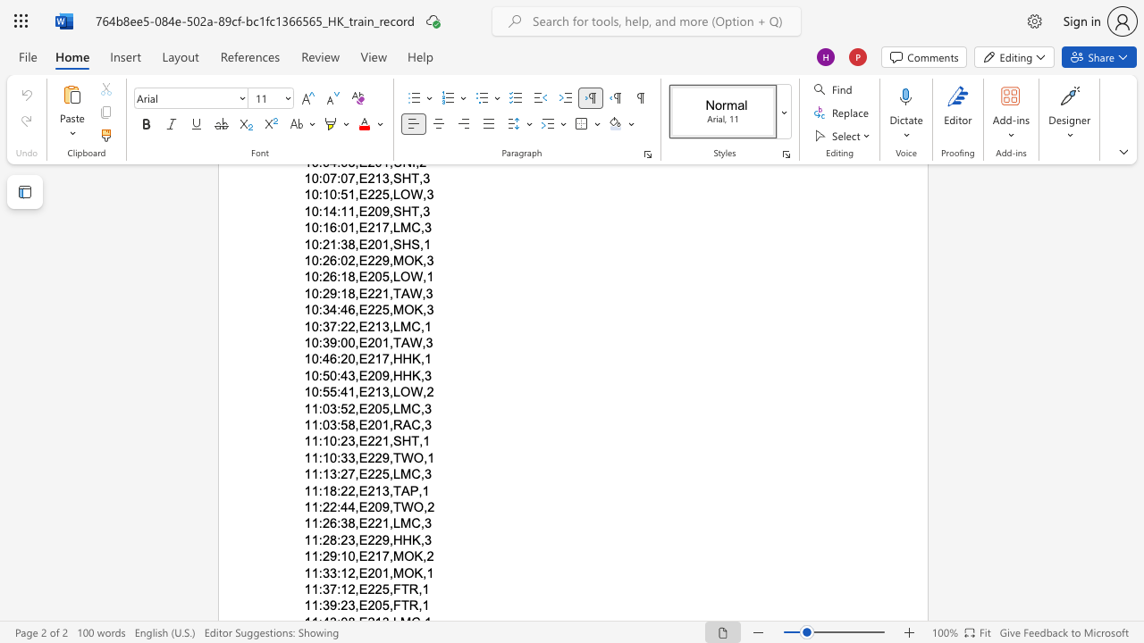 The height and width of the screenshot is (643, 1144). What do you see at coordinates (322, 589) in the screenshot?
I see `the subset text "37:" within the text "11:37:12,E225,FTR,1"` at bounding box center [322, 589].